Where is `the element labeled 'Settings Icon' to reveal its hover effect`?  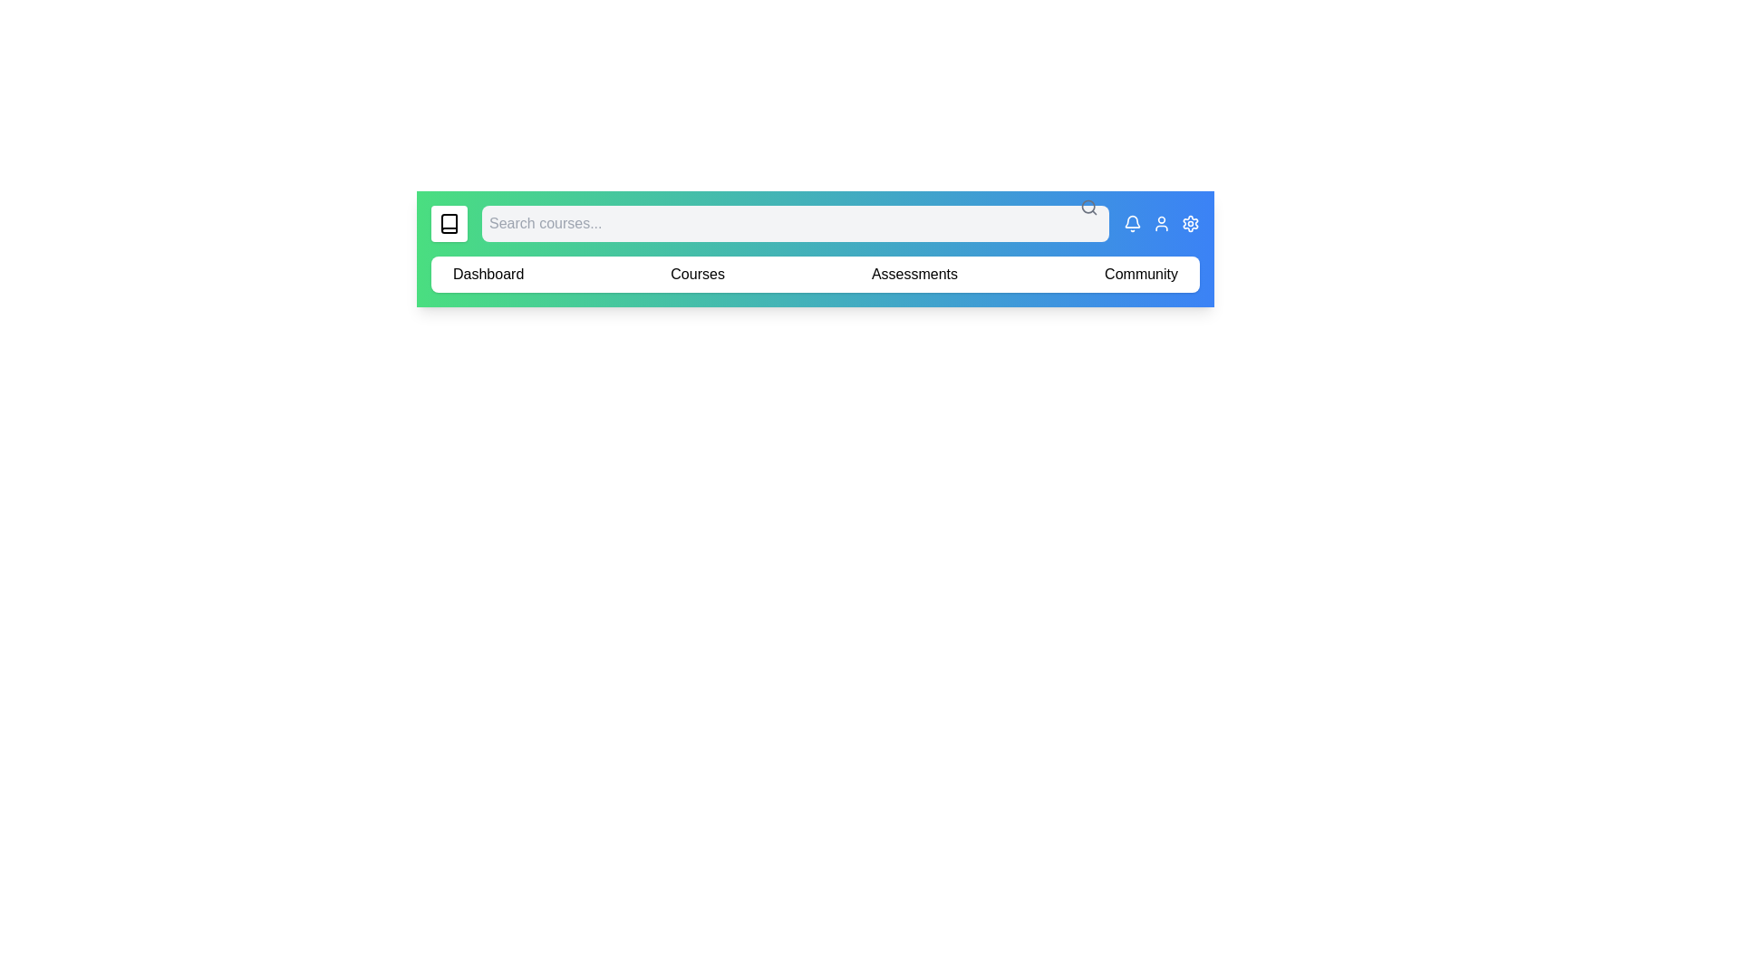 the element labeled 'Settings Icon' to reveal its hover effect is located at coordinates (1191, 222).